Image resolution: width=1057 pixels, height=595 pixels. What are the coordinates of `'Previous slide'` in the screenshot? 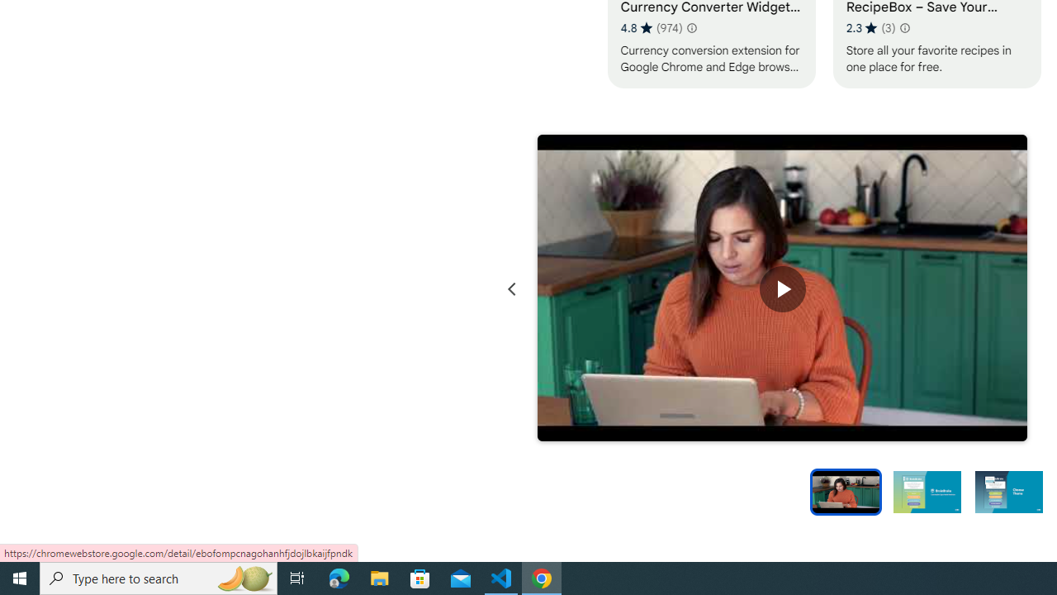 It's located at (510, 288).